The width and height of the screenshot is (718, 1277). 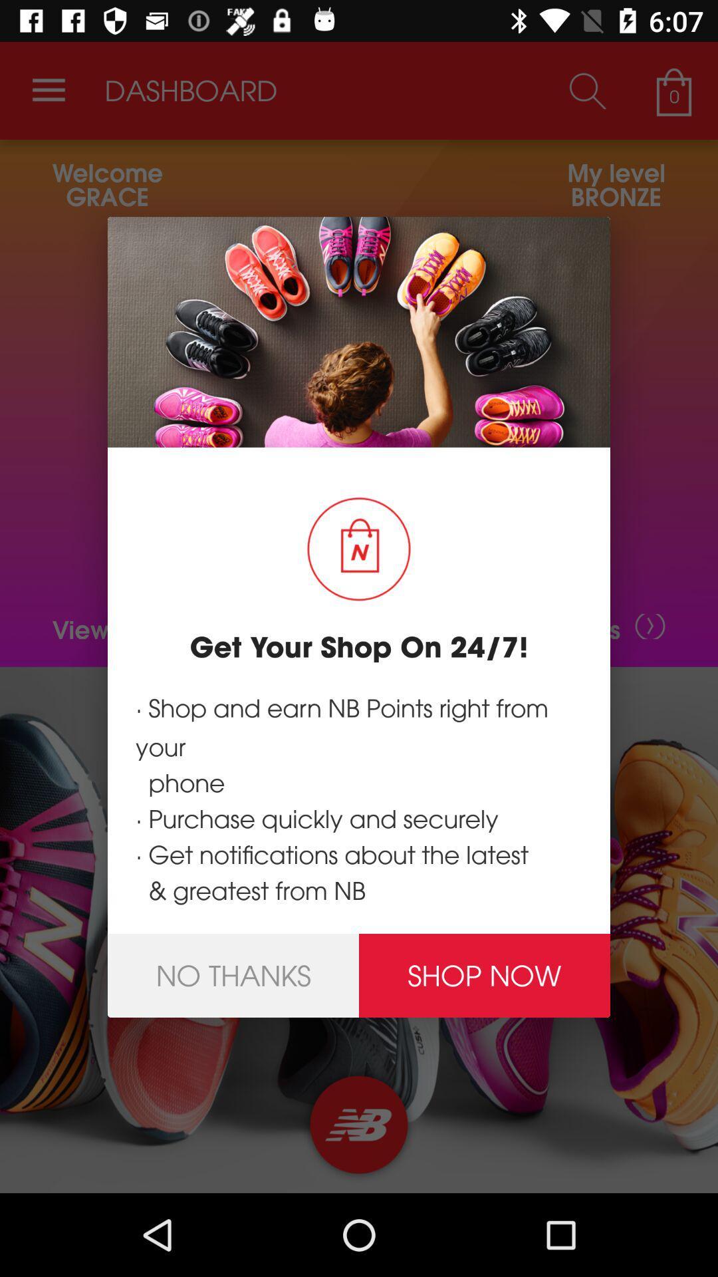 What do you see at coordinates (485, 976) in the screenshot?
I see `the shop now at the bottom right corner` at bounding box center [485, 976].